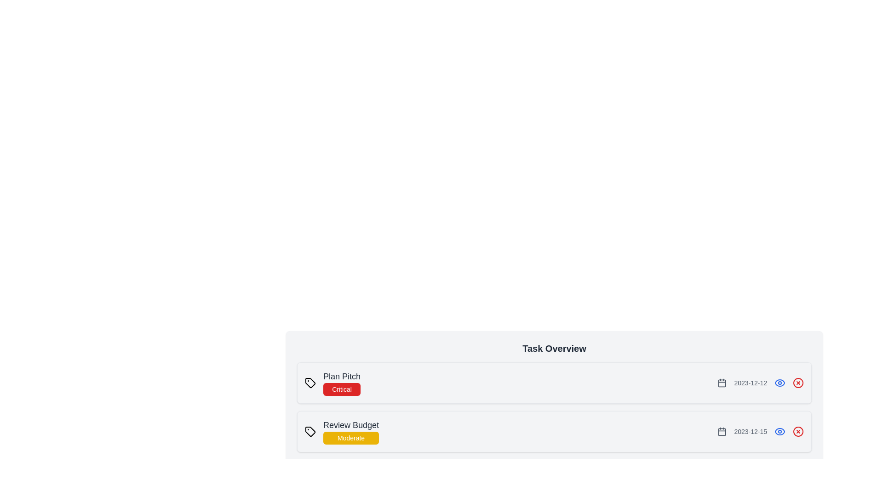  What do you see at coordinates (779, 479) in the screenshot?
I see `the eye icon to view the details of the task identified by Schedule Follow-Up` at bounding box center [779, 479].